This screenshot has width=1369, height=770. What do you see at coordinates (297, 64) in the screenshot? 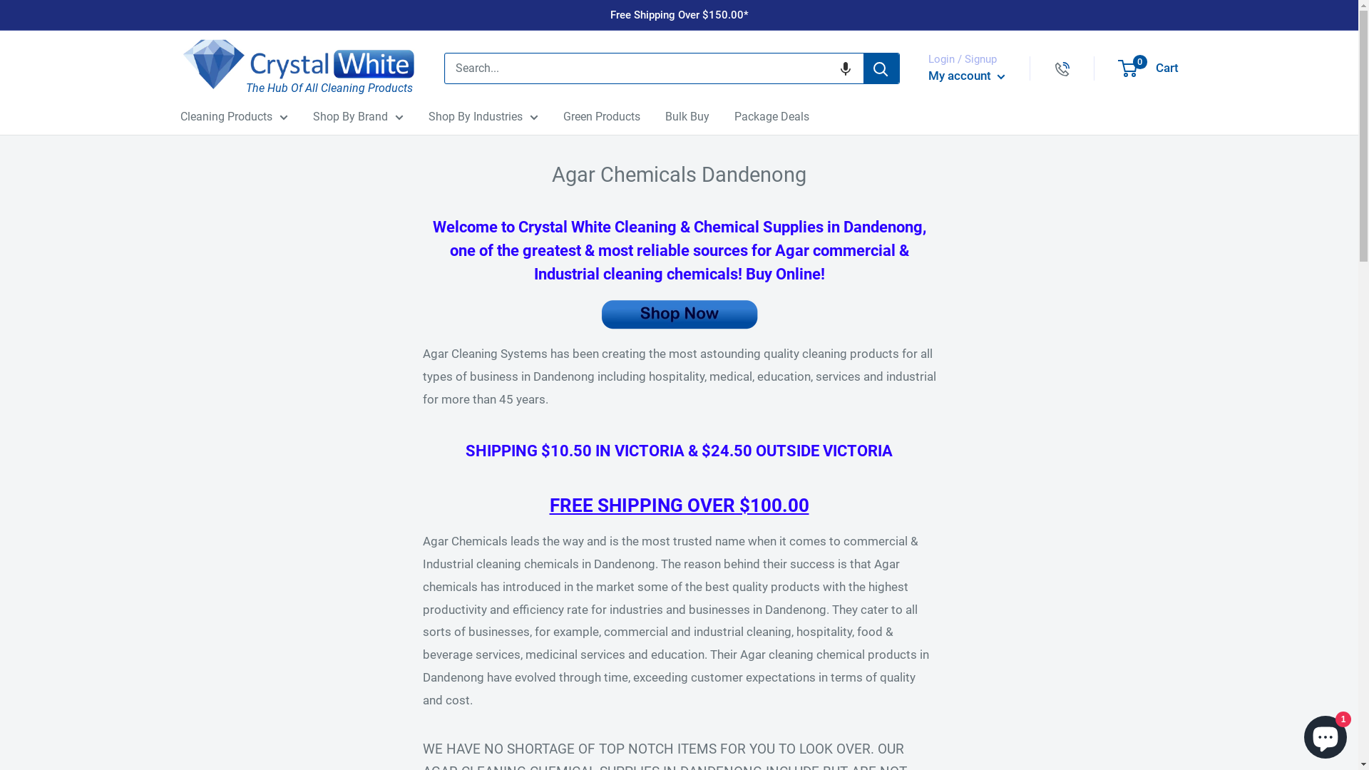
I see `'Crystalwhite Cleaning Supplies'` at bounding box center [297, 64].